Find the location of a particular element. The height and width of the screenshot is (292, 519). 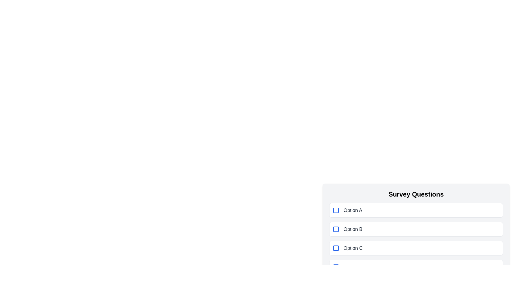

the first checkbox indicator is located at coordinates (336, 210).